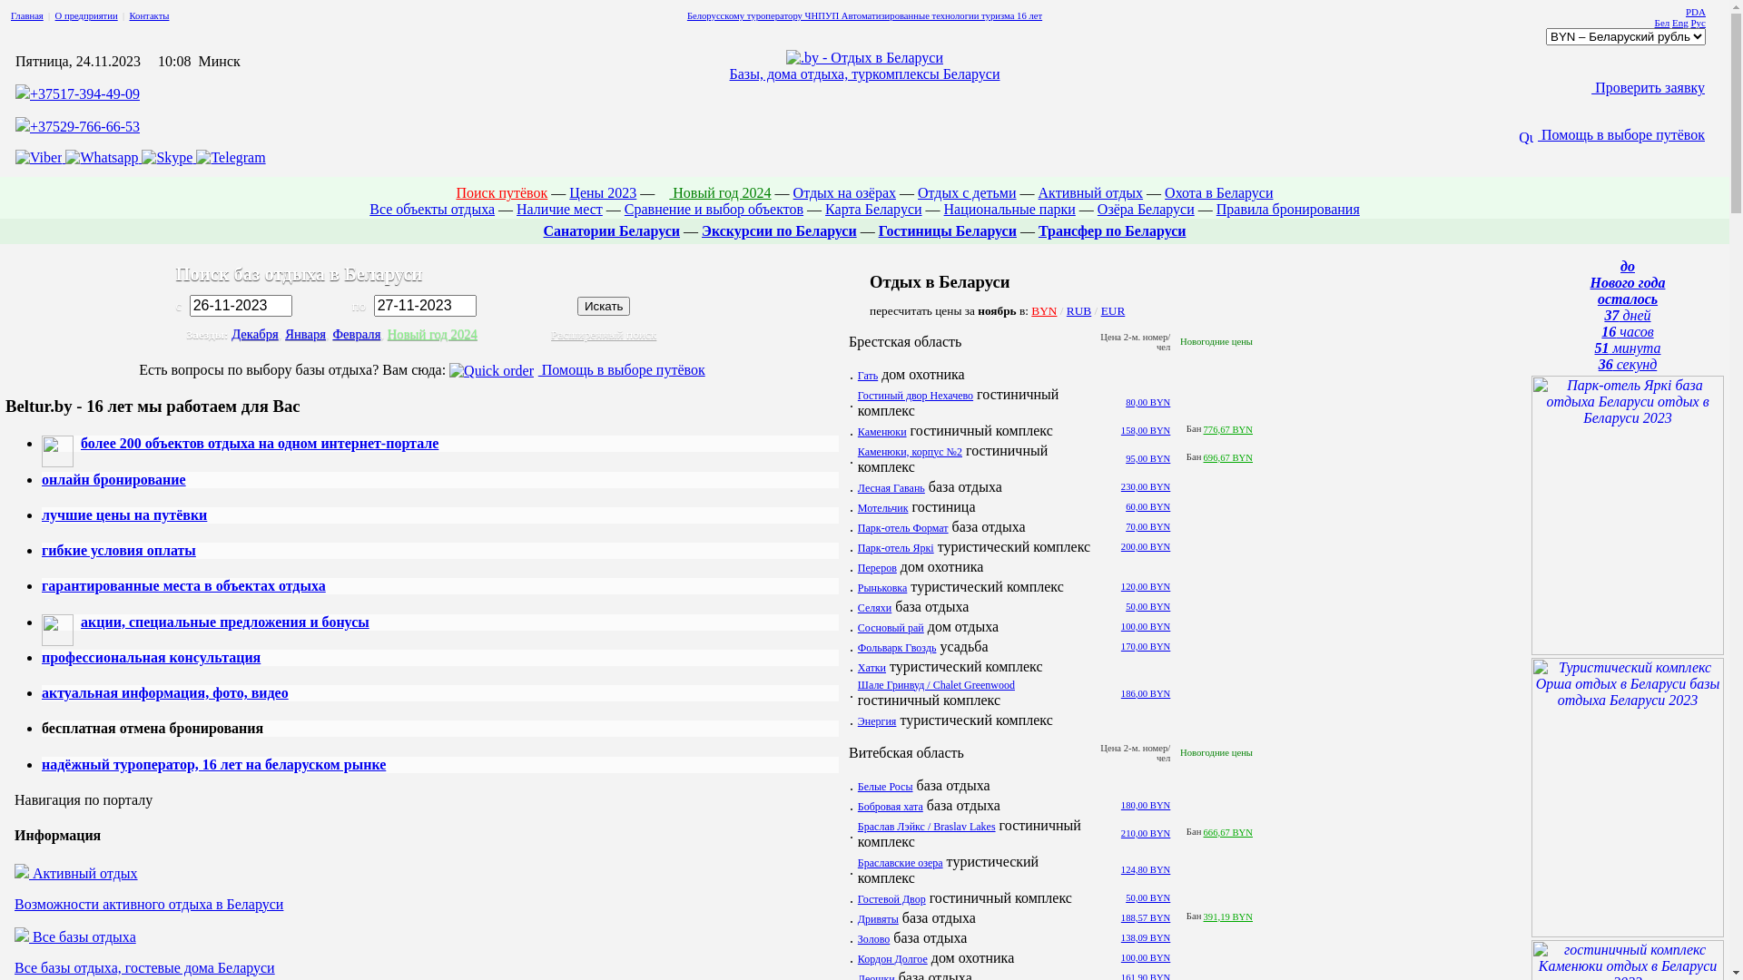 Image resolution: width=1743 pixels, height=980 pixels. Describe the element at coordinates (1145, 545) in the screenshot. I see `'200,00 BYN'` at that location.